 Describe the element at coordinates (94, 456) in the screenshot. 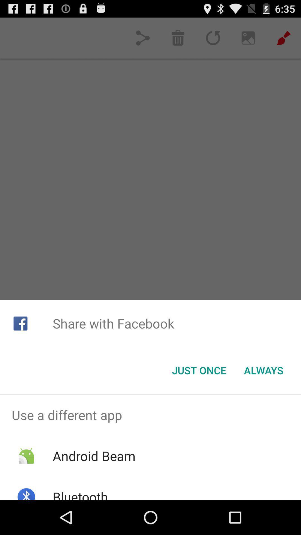

I see `app above bluetooth app` at that location.